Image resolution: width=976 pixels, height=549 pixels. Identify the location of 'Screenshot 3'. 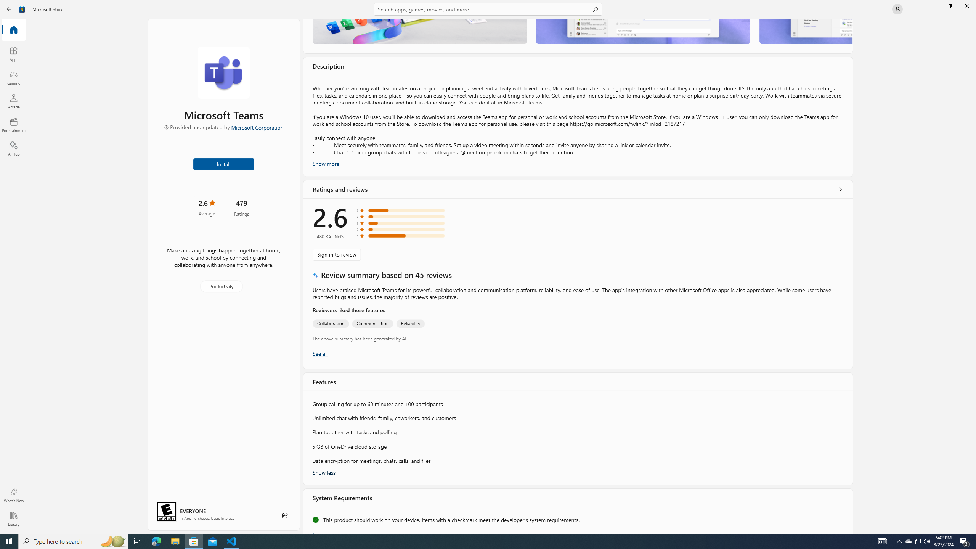
(805, 31).